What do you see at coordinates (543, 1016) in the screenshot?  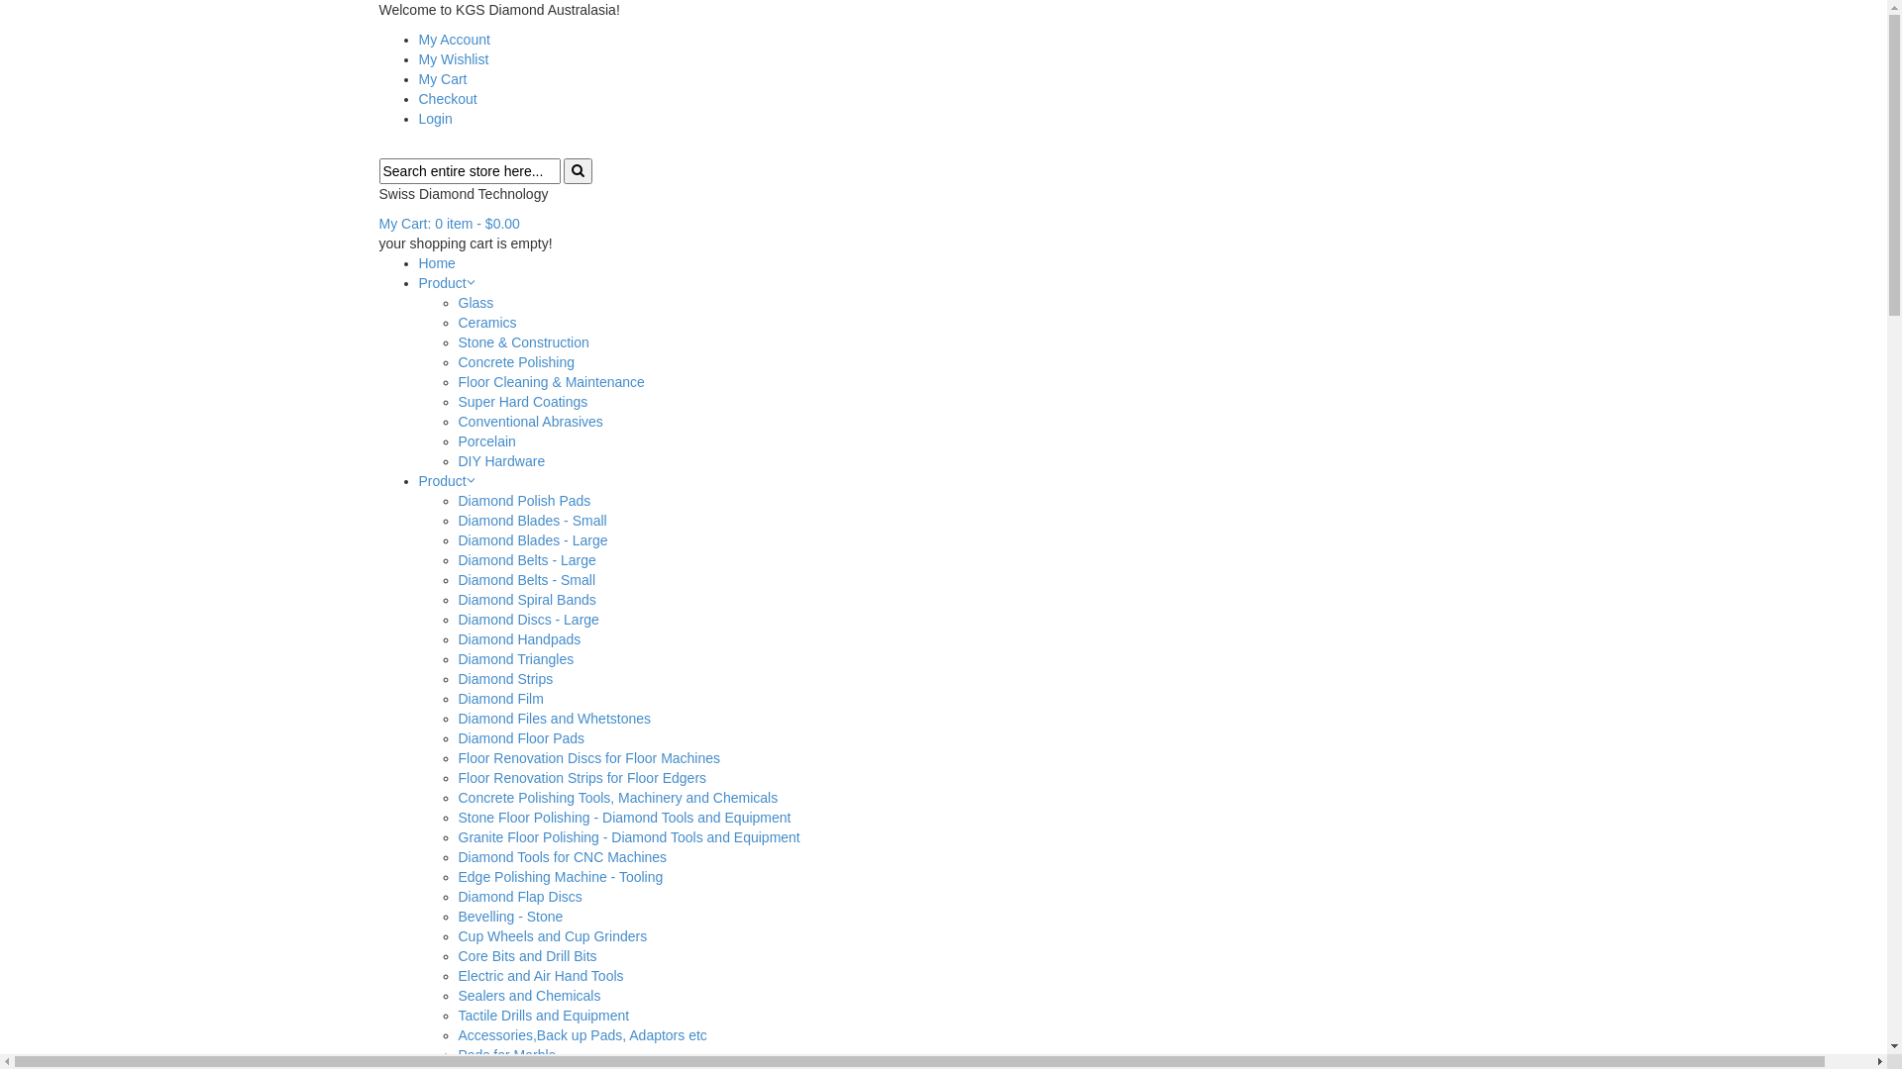 I see `'Tactile Drills and Equipment'` at bounding box center [543, 1016].